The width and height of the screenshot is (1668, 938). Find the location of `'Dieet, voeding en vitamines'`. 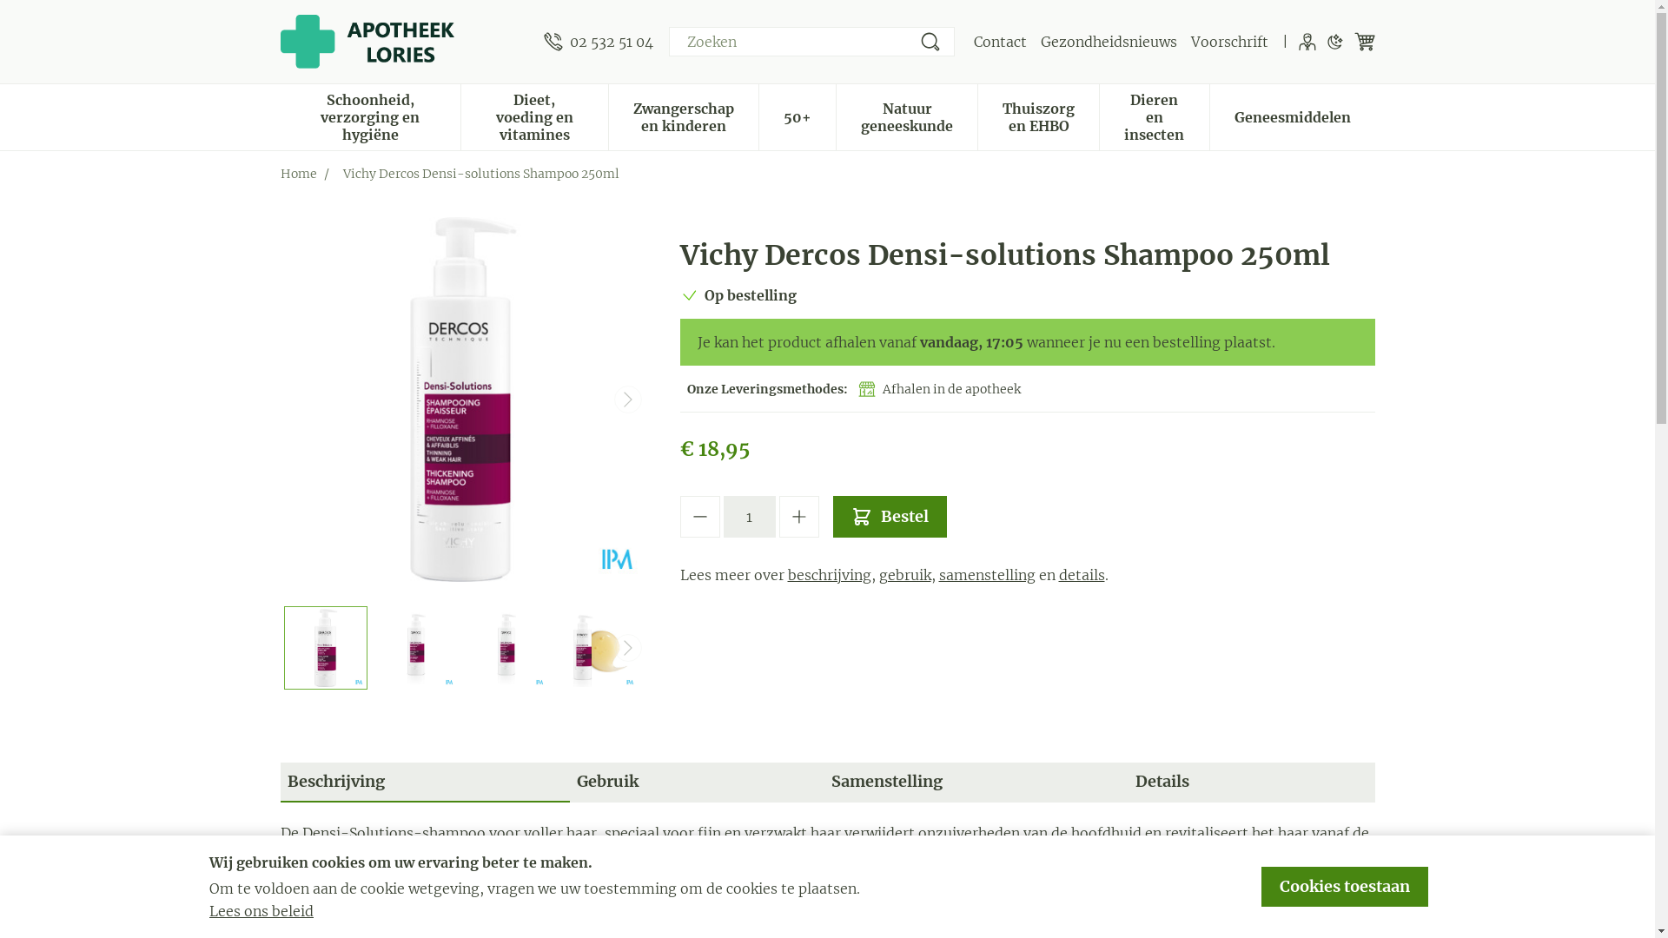

'Dieet, voeding en vitamines' is located at coordinates (533, 115).